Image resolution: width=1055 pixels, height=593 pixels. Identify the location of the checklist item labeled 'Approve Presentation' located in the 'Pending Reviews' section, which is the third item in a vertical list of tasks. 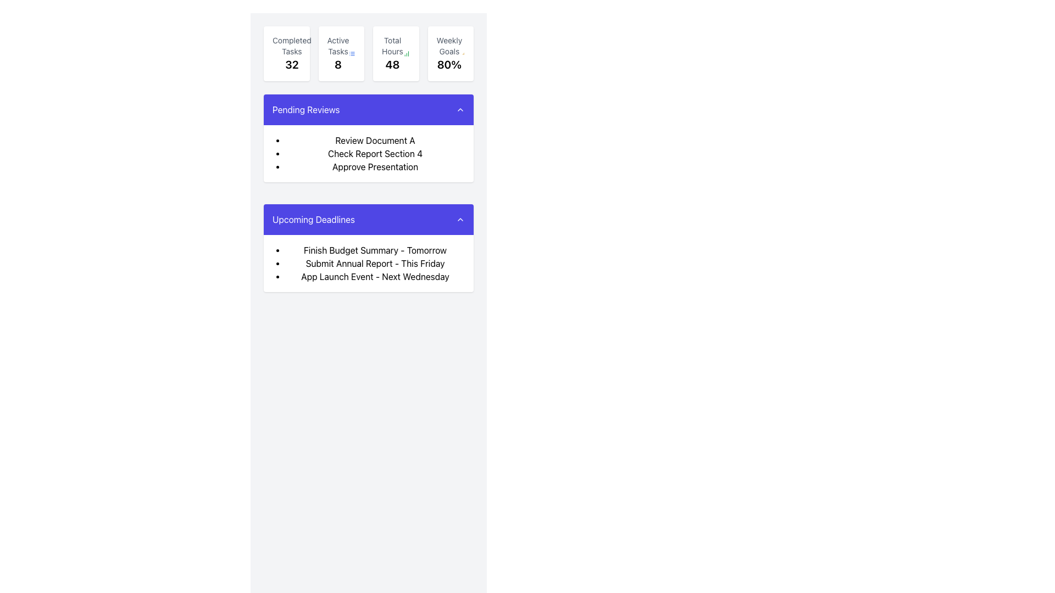
(375, 167).